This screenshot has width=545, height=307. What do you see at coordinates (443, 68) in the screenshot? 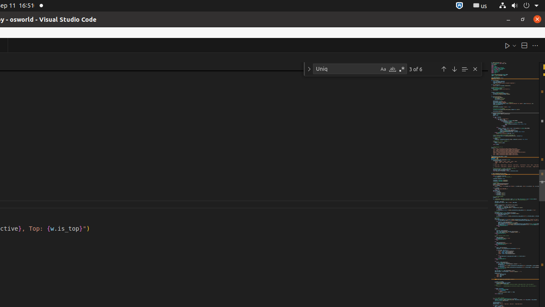
I see `'Previous Match (Shift+Enter)'` at bounding box center [443, 68].